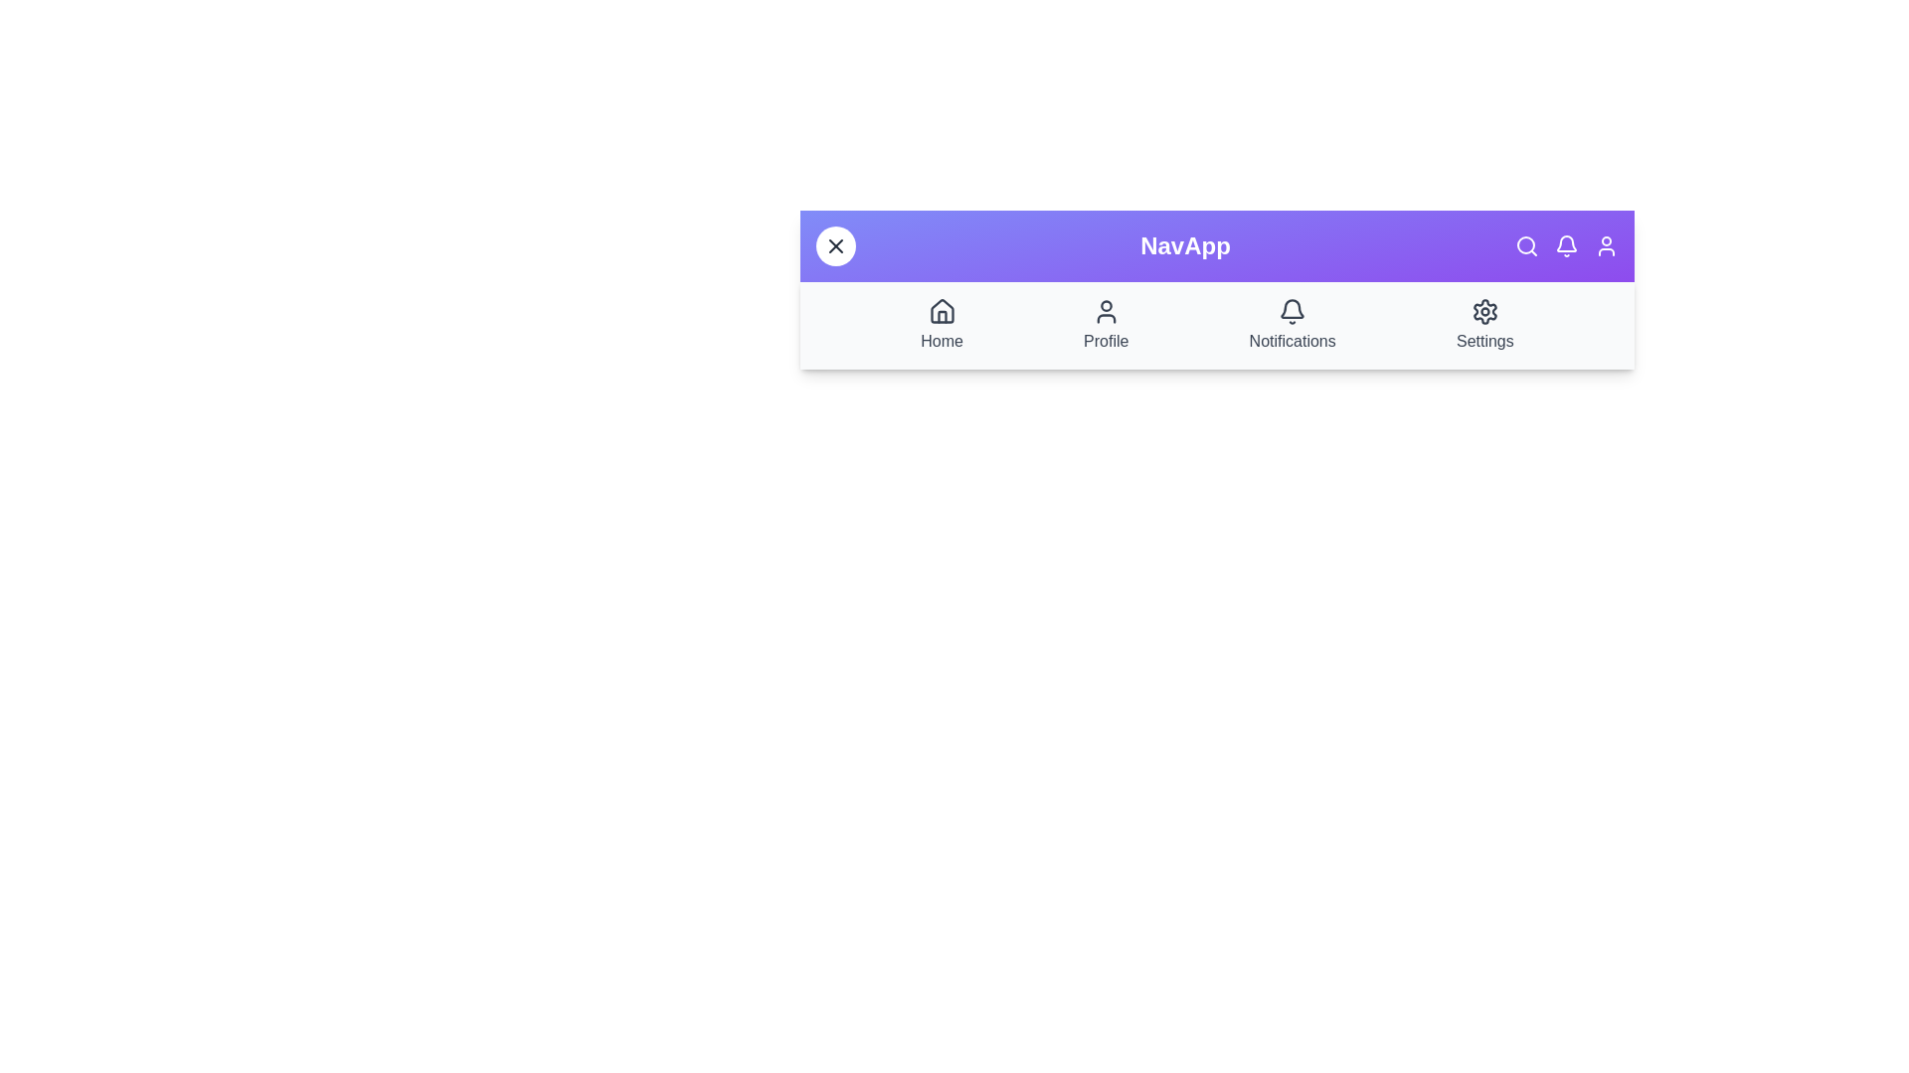 This screenshot has height=1073, width=1909. Describe the element at coordinates (1293, 324) in the screenshot. I see `the Notifications navigation button` at that location.